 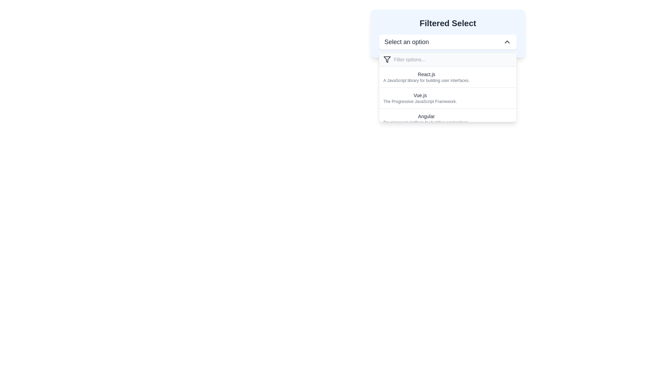 What do you see at coordinates (448, 118) in the screenshot?
I see `the list item in the dropdown menu that displays 'Angular' as the bolded word and has a description 'Development platform for building applications.'` at bounding box center [448, 118].